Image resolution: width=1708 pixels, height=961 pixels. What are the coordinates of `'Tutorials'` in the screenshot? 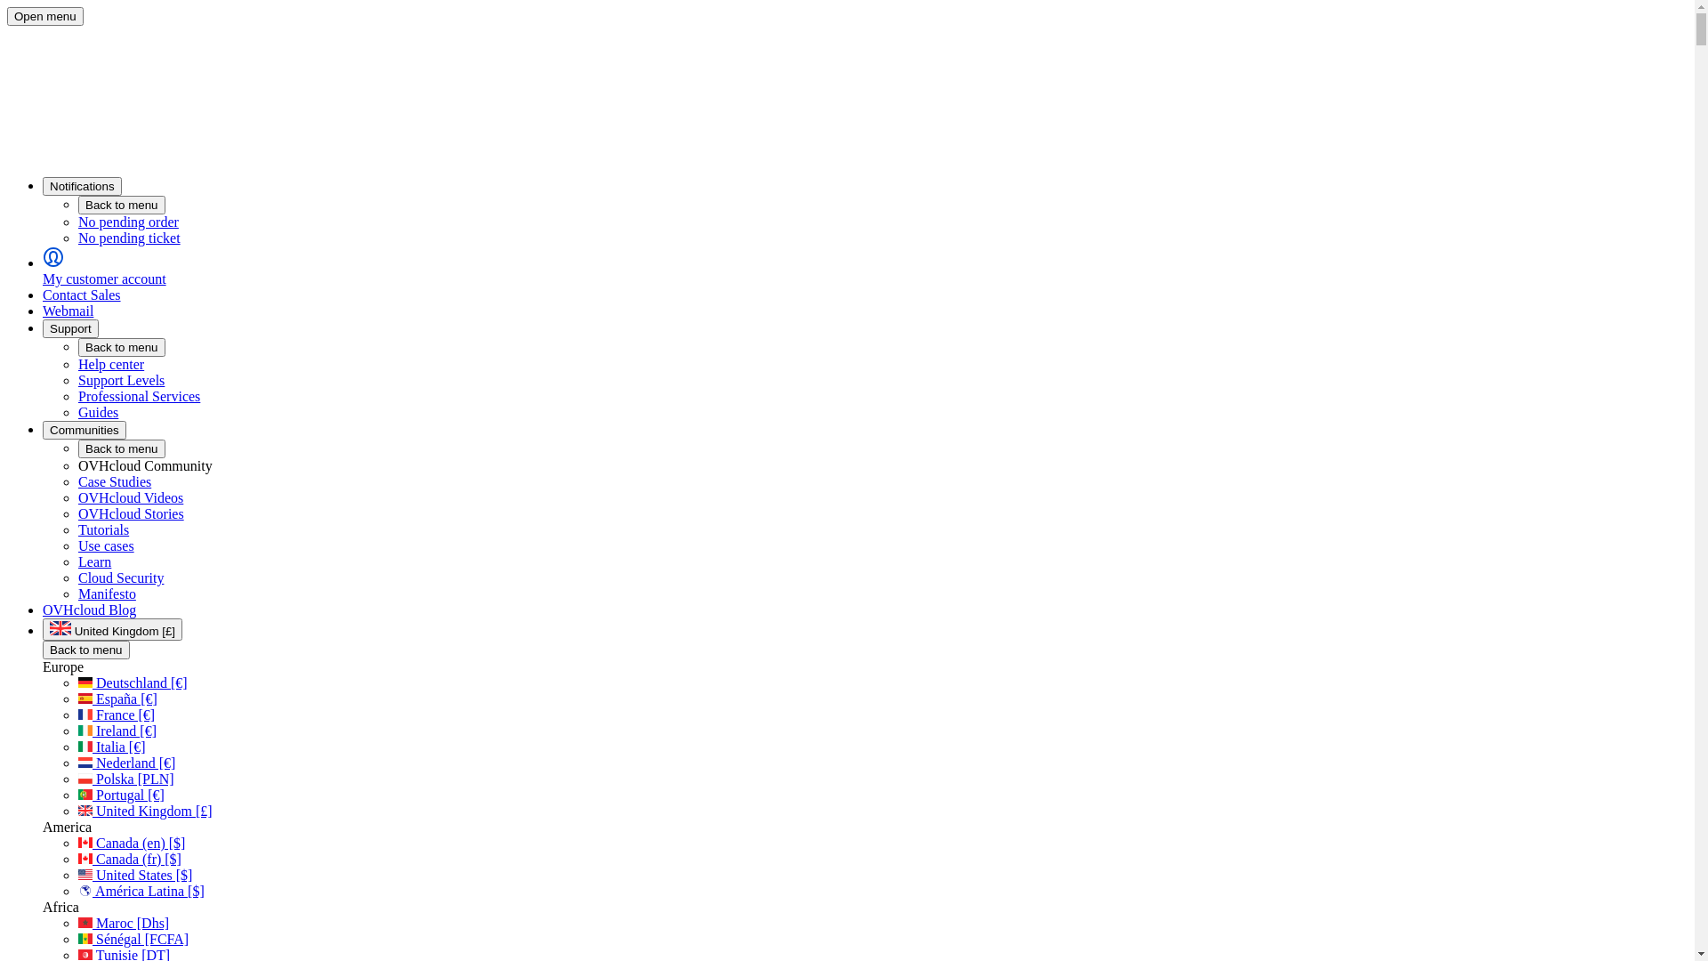 It's located at (102, 529).